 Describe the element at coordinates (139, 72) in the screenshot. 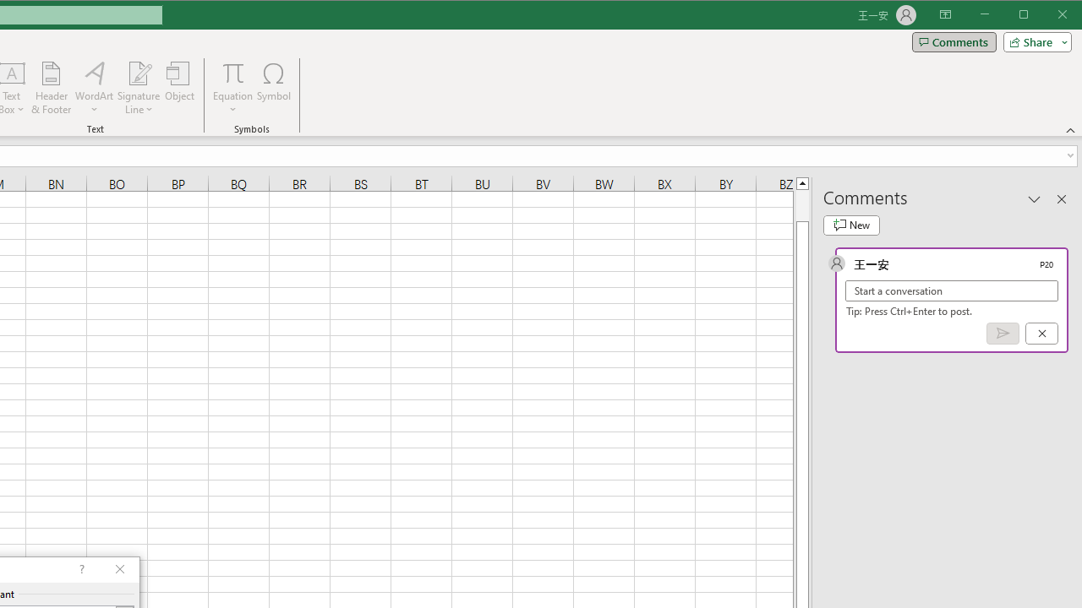

I see `'Signature Line'` at that location.